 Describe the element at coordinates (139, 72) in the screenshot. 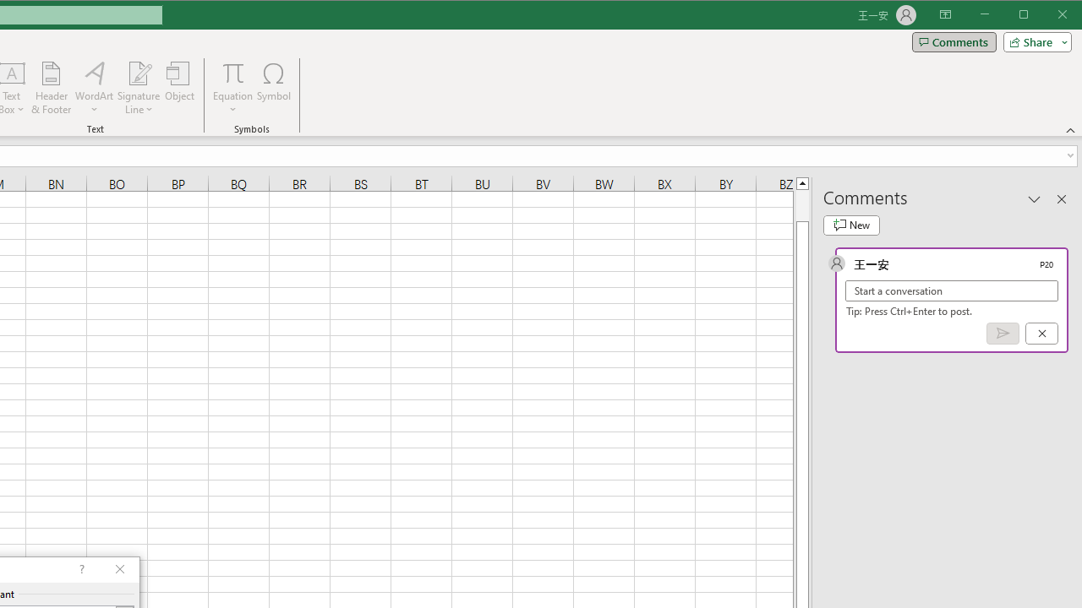

I see `'Signature Line'` at that location.